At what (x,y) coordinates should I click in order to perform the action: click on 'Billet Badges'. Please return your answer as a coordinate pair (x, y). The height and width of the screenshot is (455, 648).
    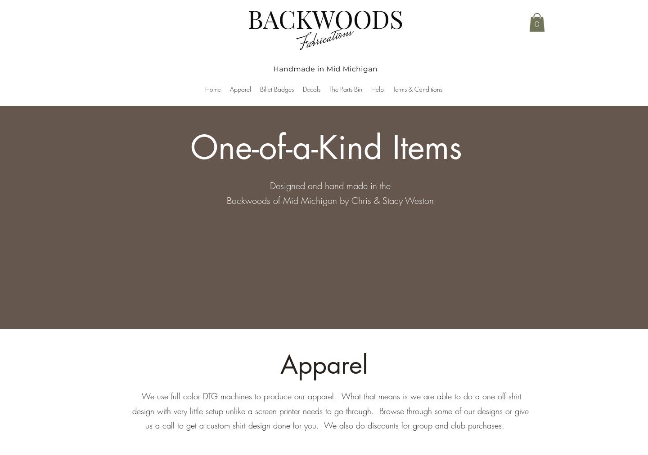
    Looking at the image, I should click on (276, 89).